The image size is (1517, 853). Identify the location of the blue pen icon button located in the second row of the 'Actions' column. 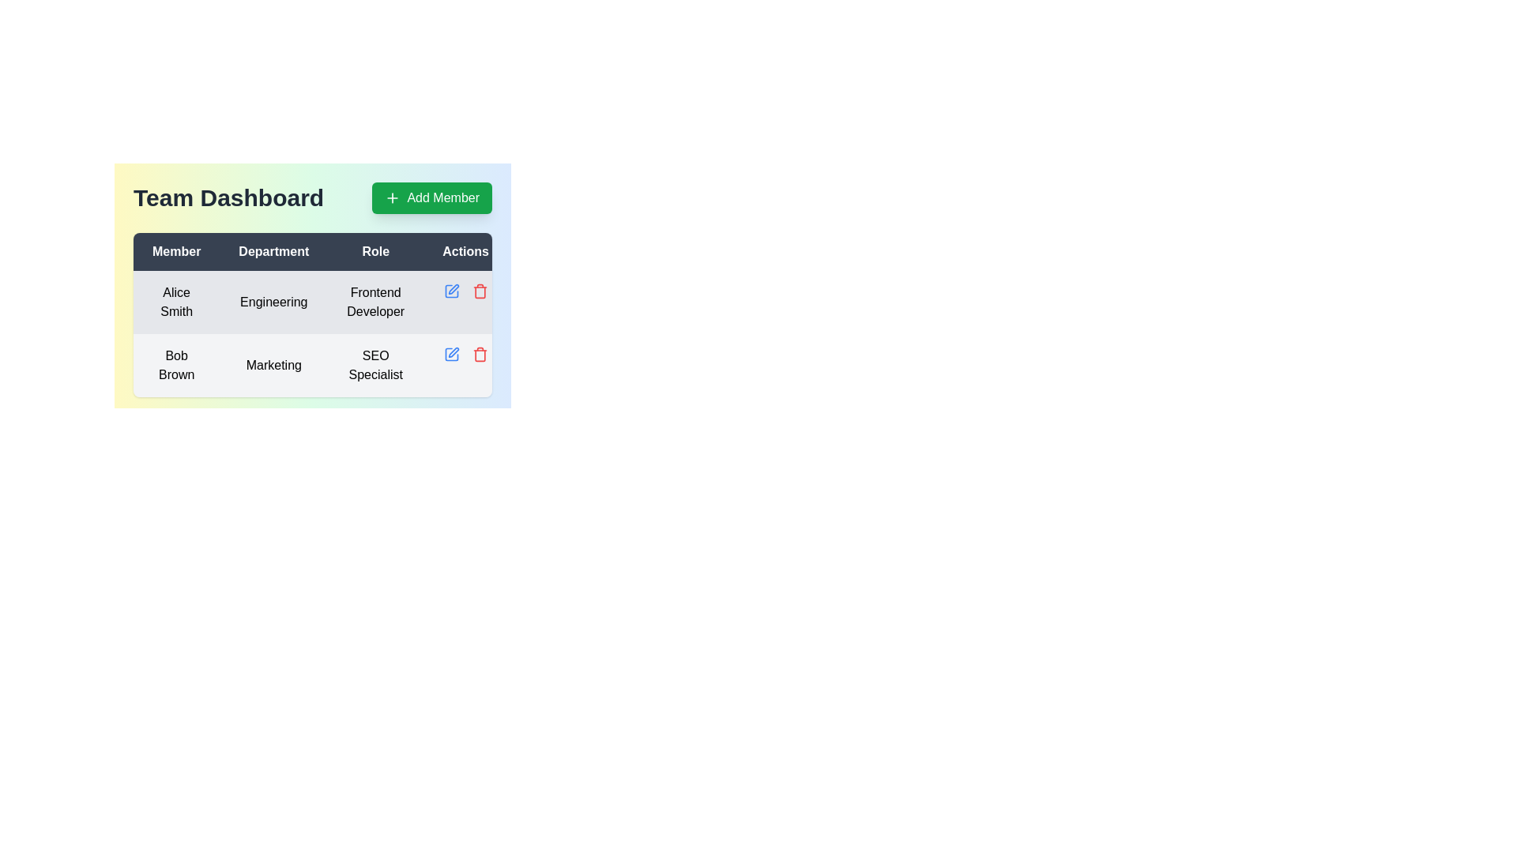
(453, 351).